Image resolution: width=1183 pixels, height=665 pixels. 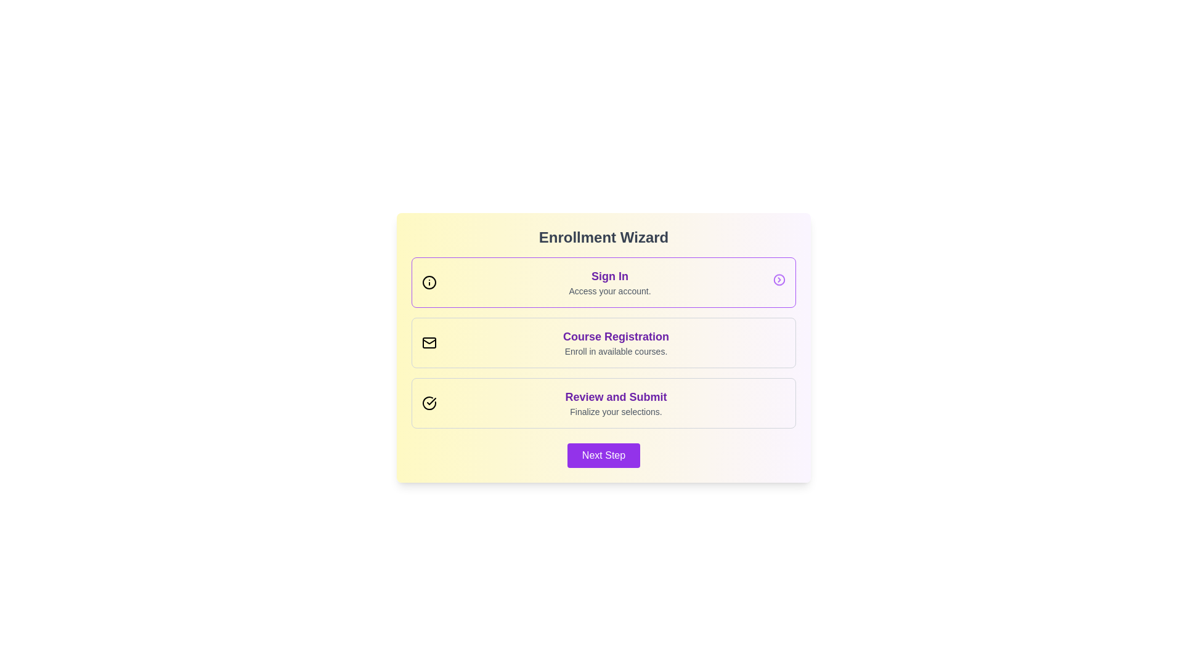 What do you see at coordinates (616, 351) in the screenshot?
I see `the text label that reads 'Enroll in available courses.' located below the header 'Course Registration'` at bounding box center [616, 351].